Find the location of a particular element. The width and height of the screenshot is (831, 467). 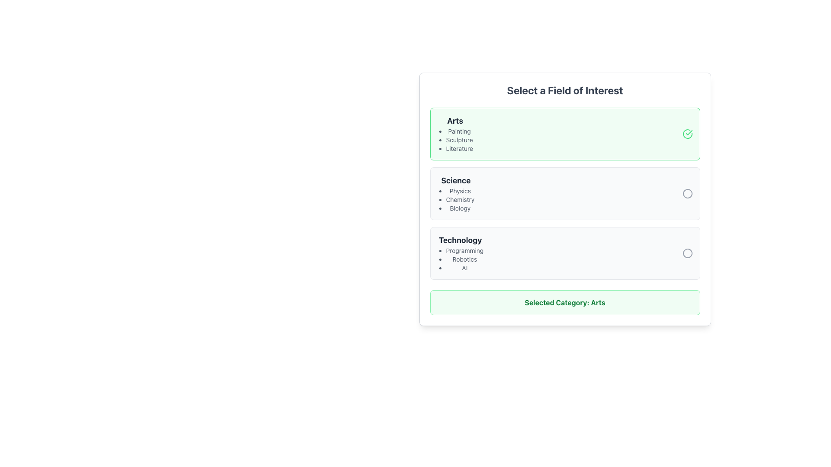

the static text item representing the subject within the 'Science' category, which is the last item in the bulleted list below 'Chemistry' is located at coordinates (460, 208).